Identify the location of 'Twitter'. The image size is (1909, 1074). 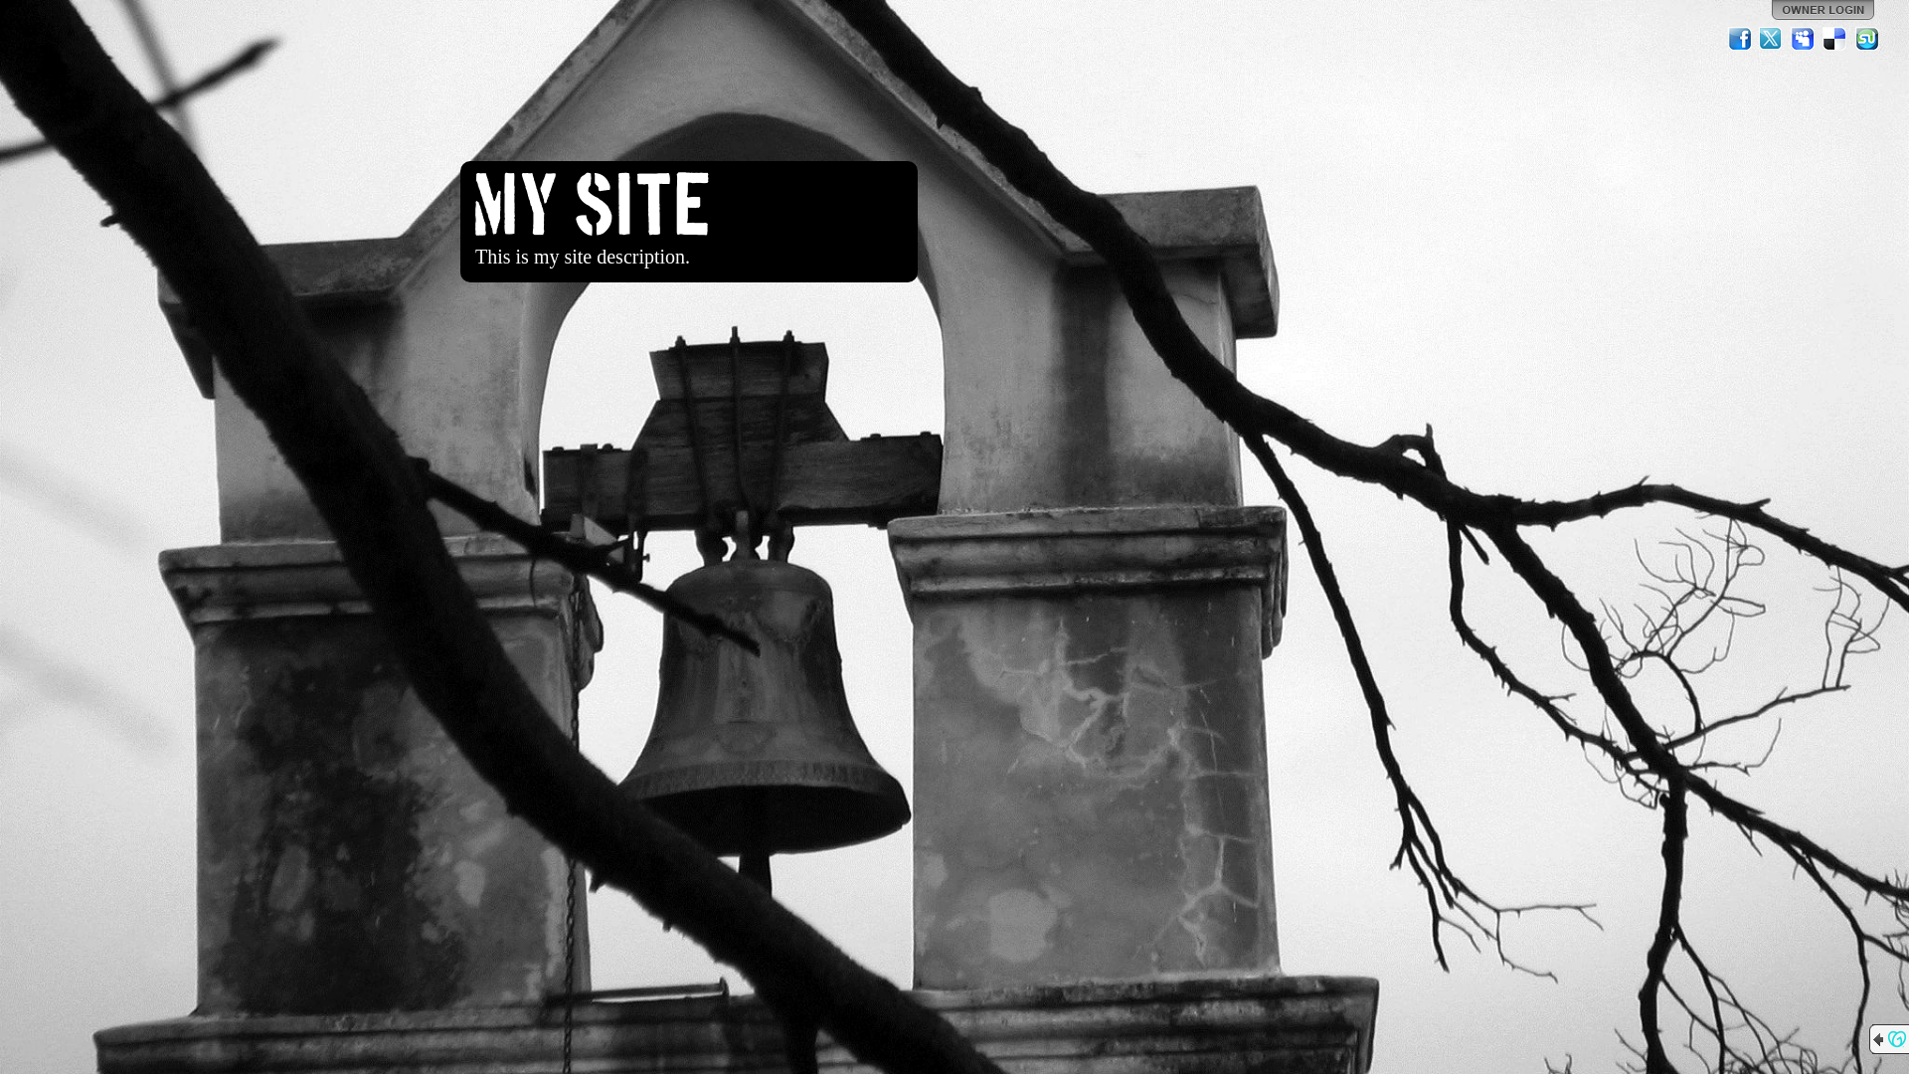
(1771, 38).